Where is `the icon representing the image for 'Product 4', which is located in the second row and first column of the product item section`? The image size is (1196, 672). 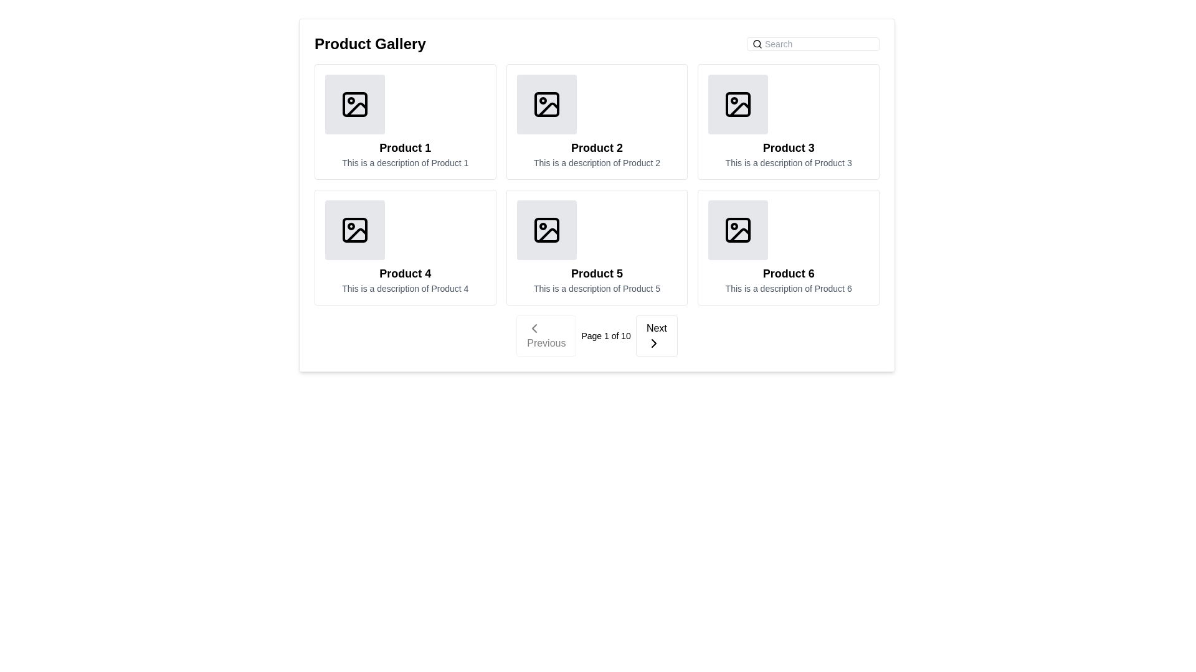 the icon representing the image for 'Product 4', which is located in the second row and first column of the product item section is located at coordinates (354, 230).